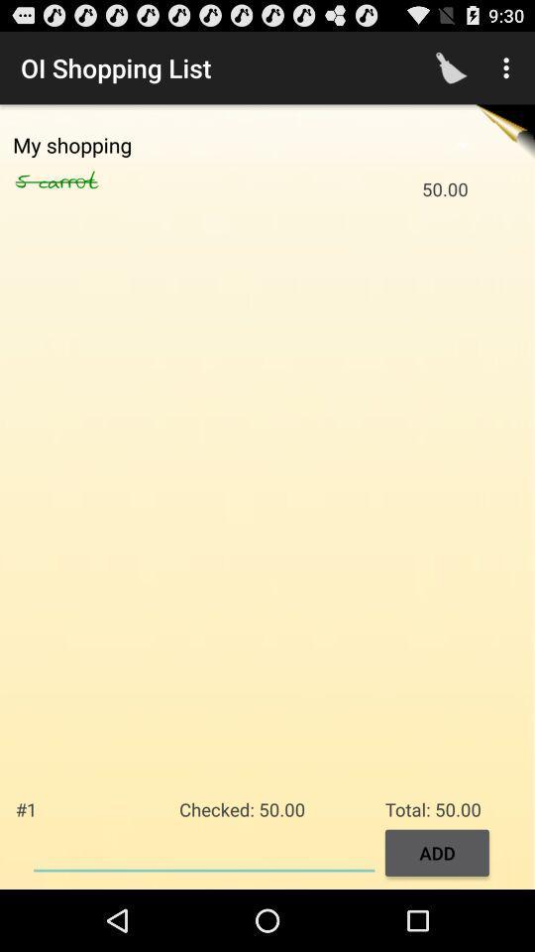 The width and height of the screenshot is (535, 952). I want to click on the icon above the #1 item, so click(89, 181).